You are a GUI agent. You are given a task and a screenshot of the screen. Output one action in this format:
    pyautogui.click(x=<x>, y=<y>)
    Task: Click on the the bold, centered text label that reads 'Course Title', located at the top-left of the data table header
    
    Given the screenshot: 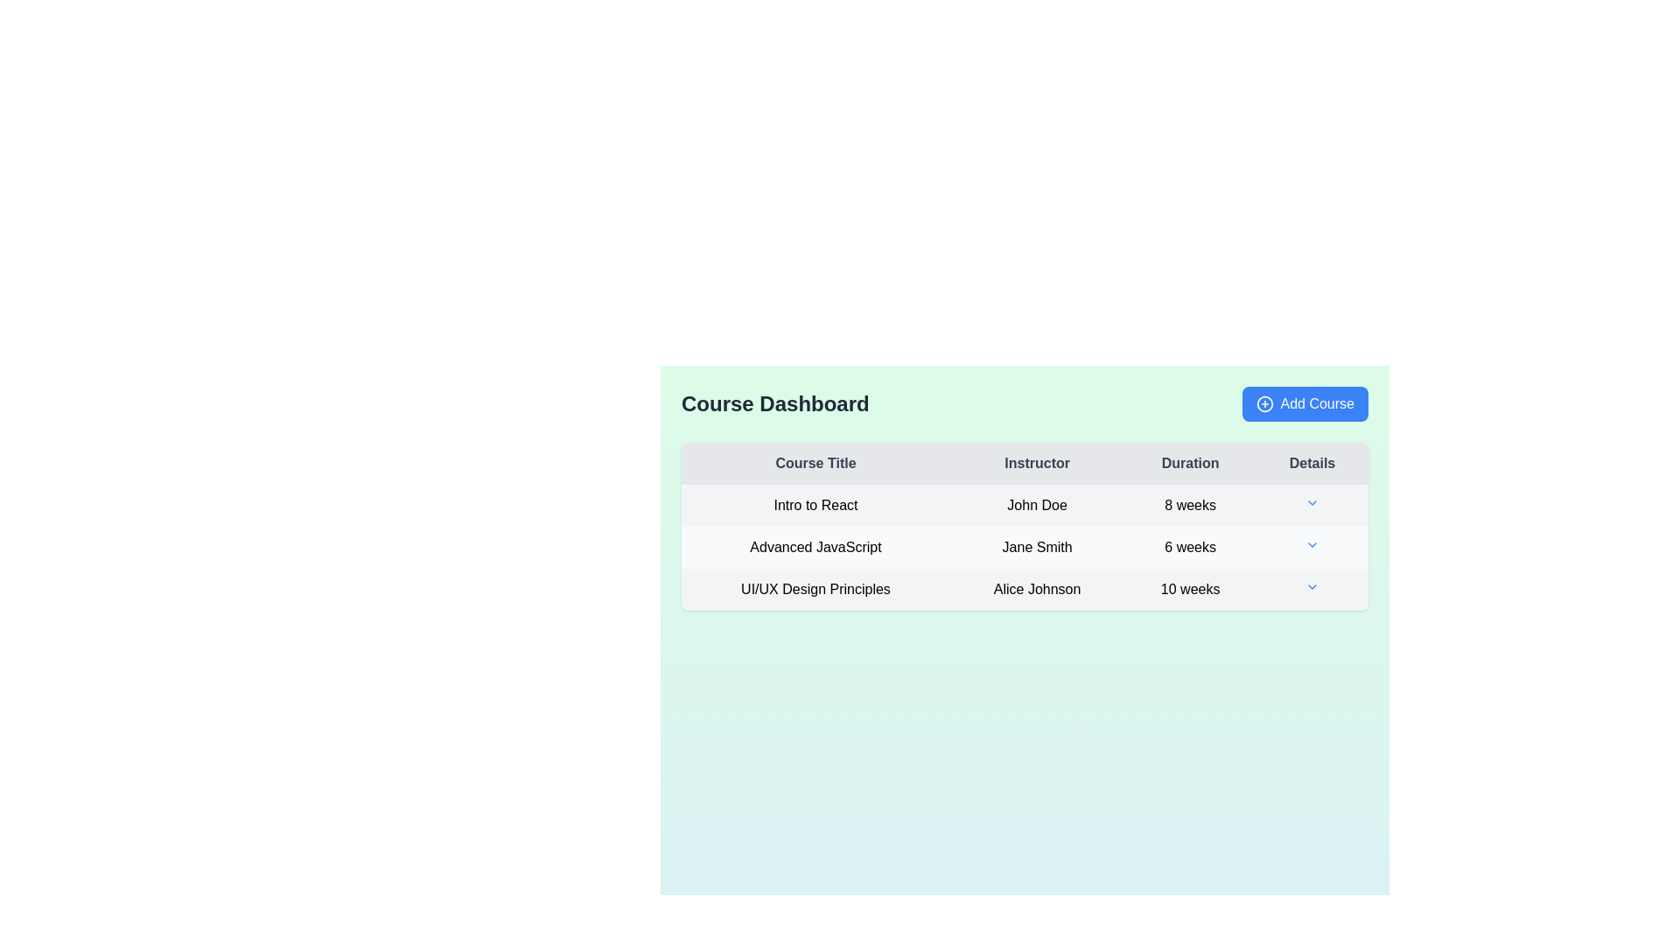 What is the action you would take?
    pyautogui.click(x=815, y=462)
    